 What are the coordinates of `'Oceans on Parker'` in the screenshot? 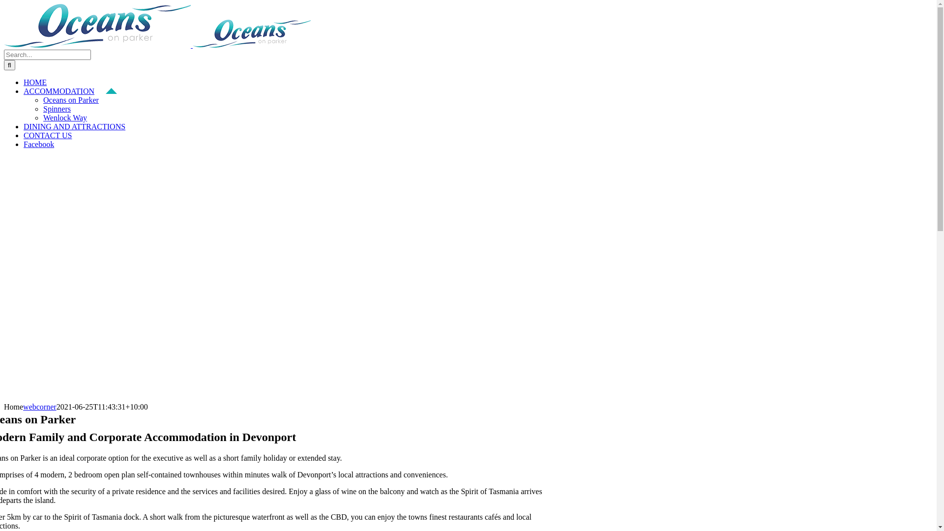 It's located at (70, 100).